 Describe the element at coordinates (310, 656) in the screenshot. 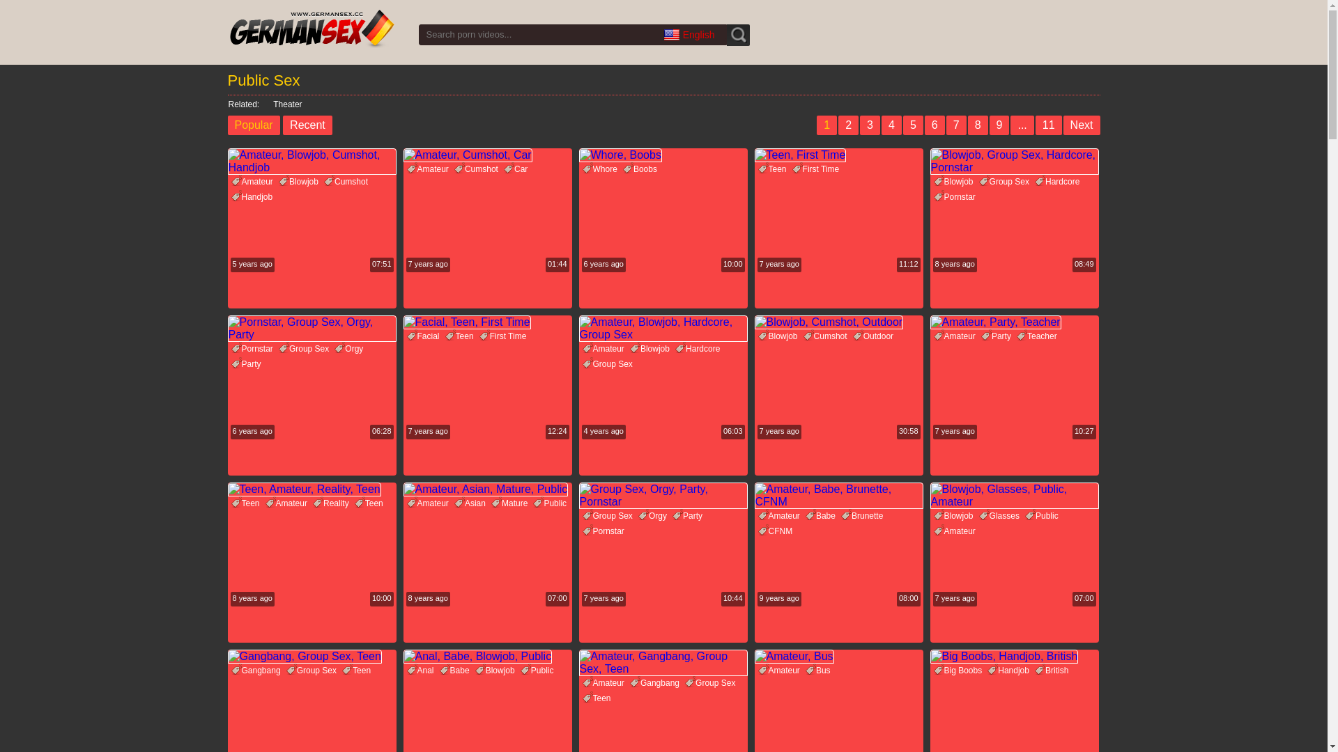

I see `'Gangbang, Group Sex, Teen'` at that location.